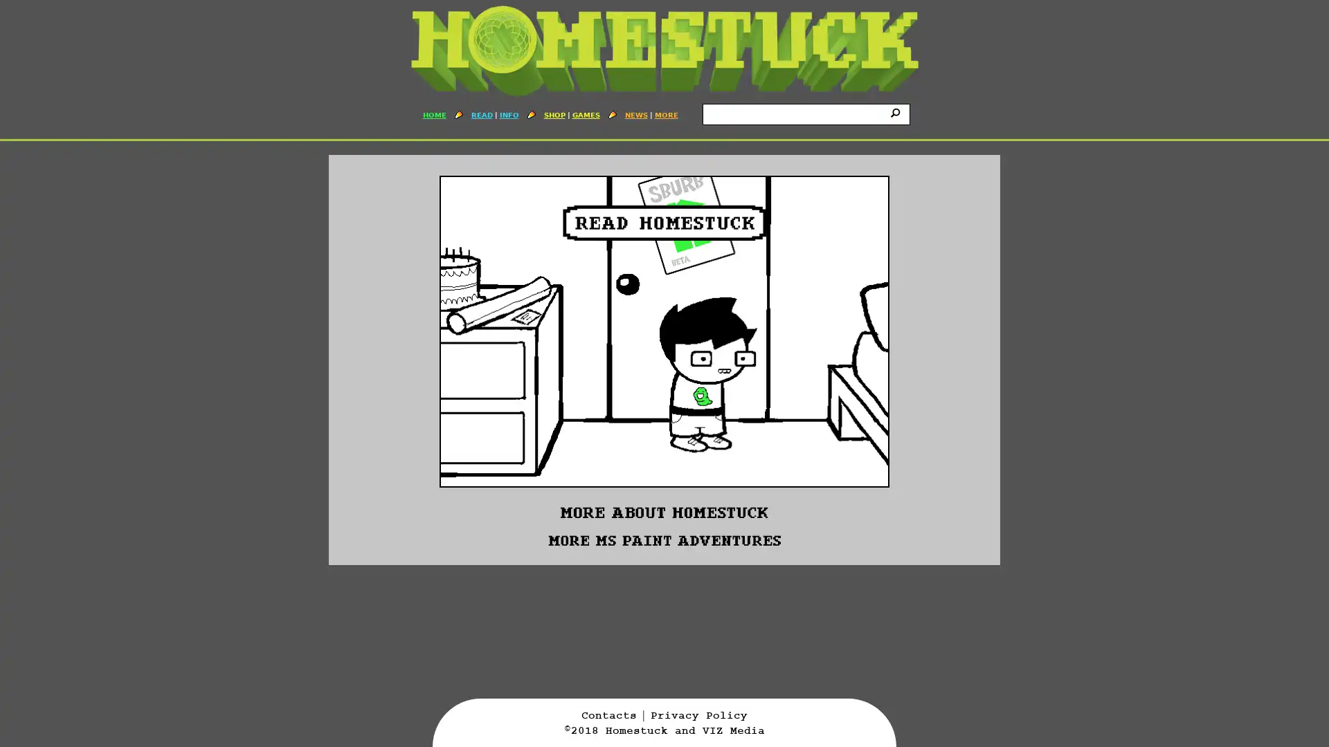  Describe the element at coordinates (897, 111) in the screenshot. I see `i` at that location.